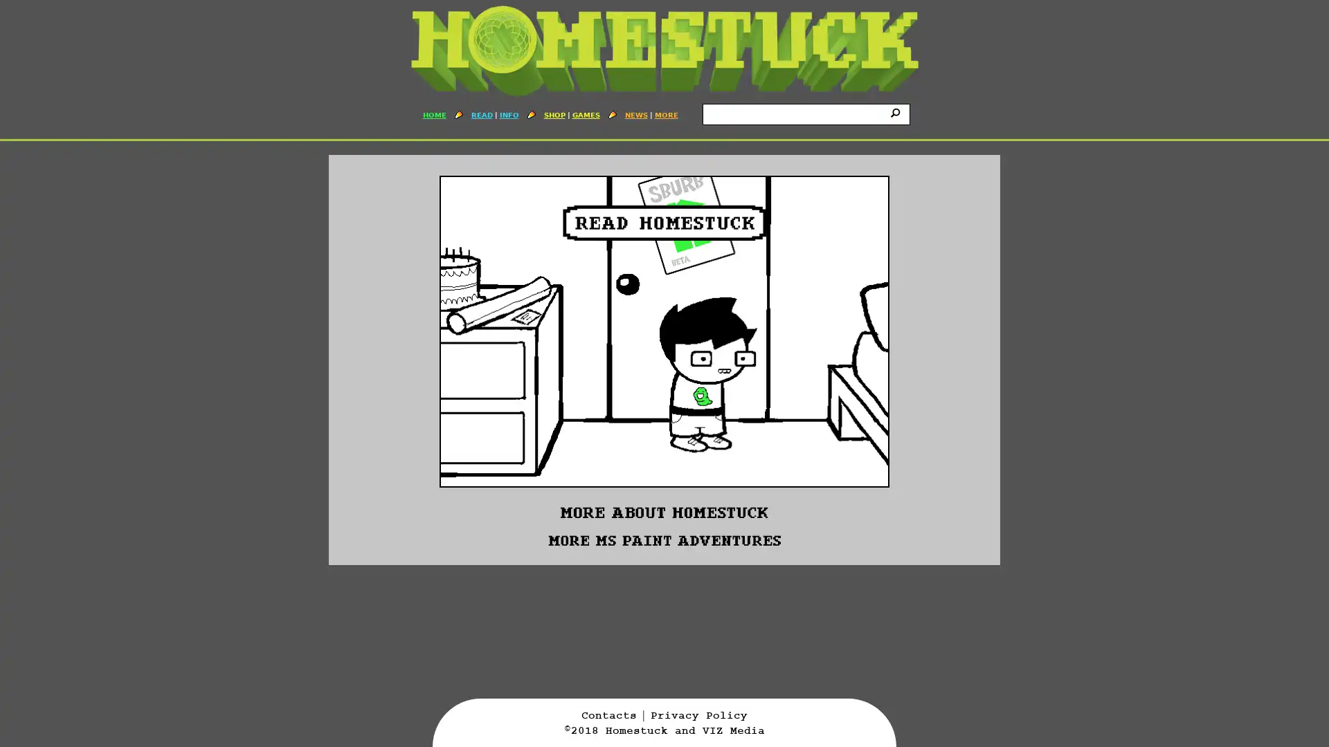  Describe the element at coordinates (897, 111) in the screenshot. I see `i` at that location.